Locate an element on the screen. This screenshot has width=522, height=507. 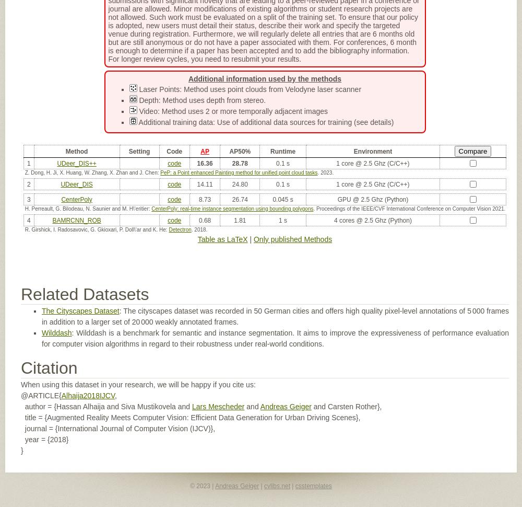
'Setting' is located at coordinates (139, 150).